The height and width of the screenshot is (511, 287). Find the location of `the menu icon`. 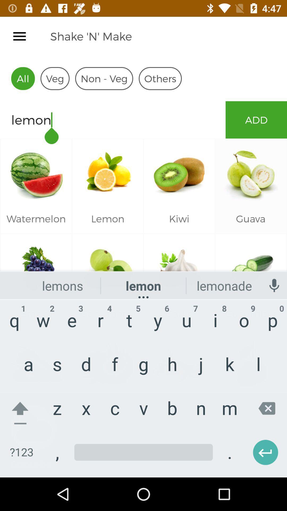

the menu icon is located at coordinates (19, 36).